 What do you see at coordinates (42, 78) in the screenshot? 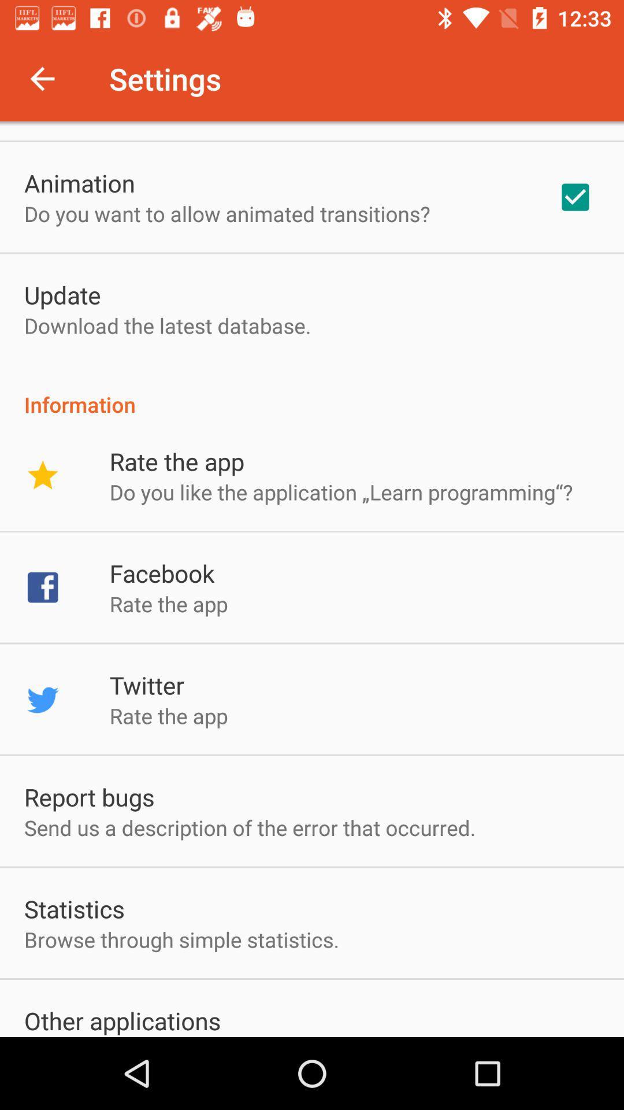
I see `the icon next to the settings item` at bounding box center [42, 78].